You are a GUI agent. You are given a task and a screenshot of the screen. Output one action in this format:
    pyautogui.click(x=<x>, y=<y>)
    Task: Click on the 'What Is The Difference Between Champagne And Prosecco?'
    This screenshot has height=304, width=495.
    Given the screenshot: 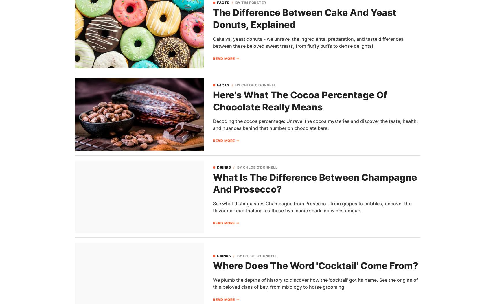 What is the action you would take?
    pyautogui.click(x=315, y=183)
    